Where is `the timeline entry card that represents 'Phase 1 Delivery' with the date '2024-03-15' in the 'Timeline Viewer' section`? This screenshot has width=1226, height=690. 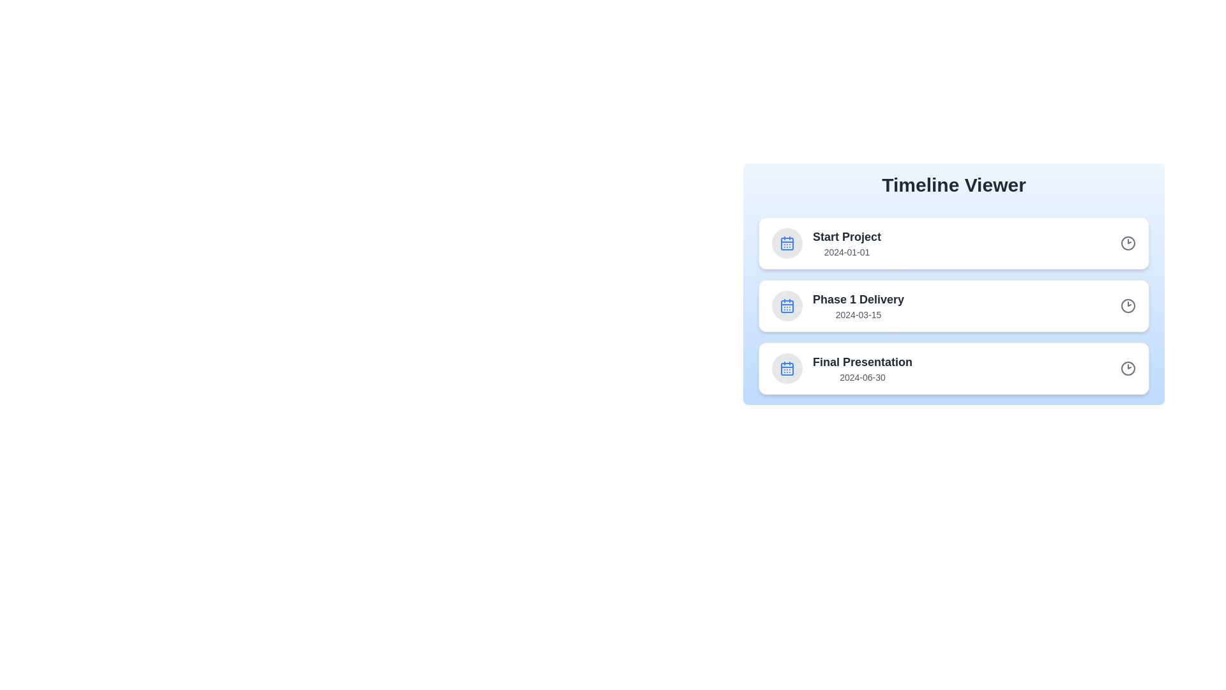 the timeline entry card that represents 'Phase 1 Delivery' with the date '2024-03-15' in the 'Timeline Viewer' section is located at coordinates (953, 305).